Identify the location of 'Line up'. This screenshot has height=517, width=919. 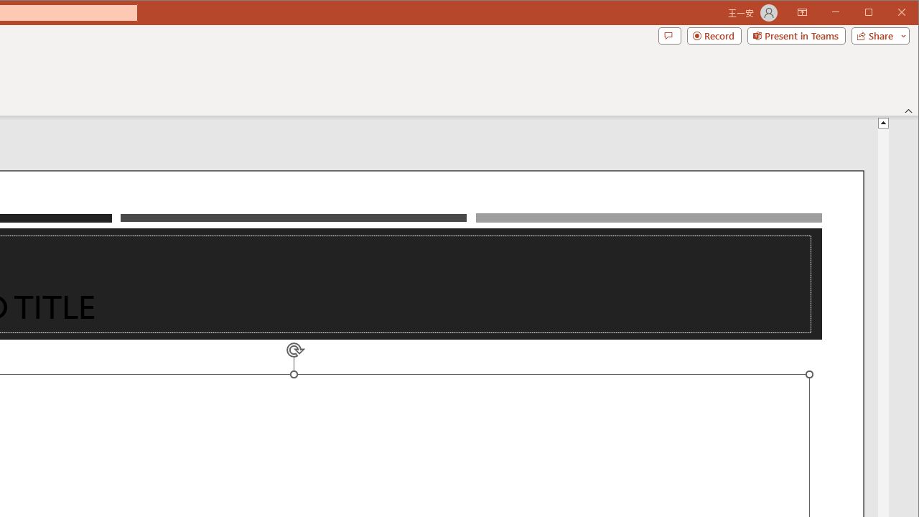
(882, 121).